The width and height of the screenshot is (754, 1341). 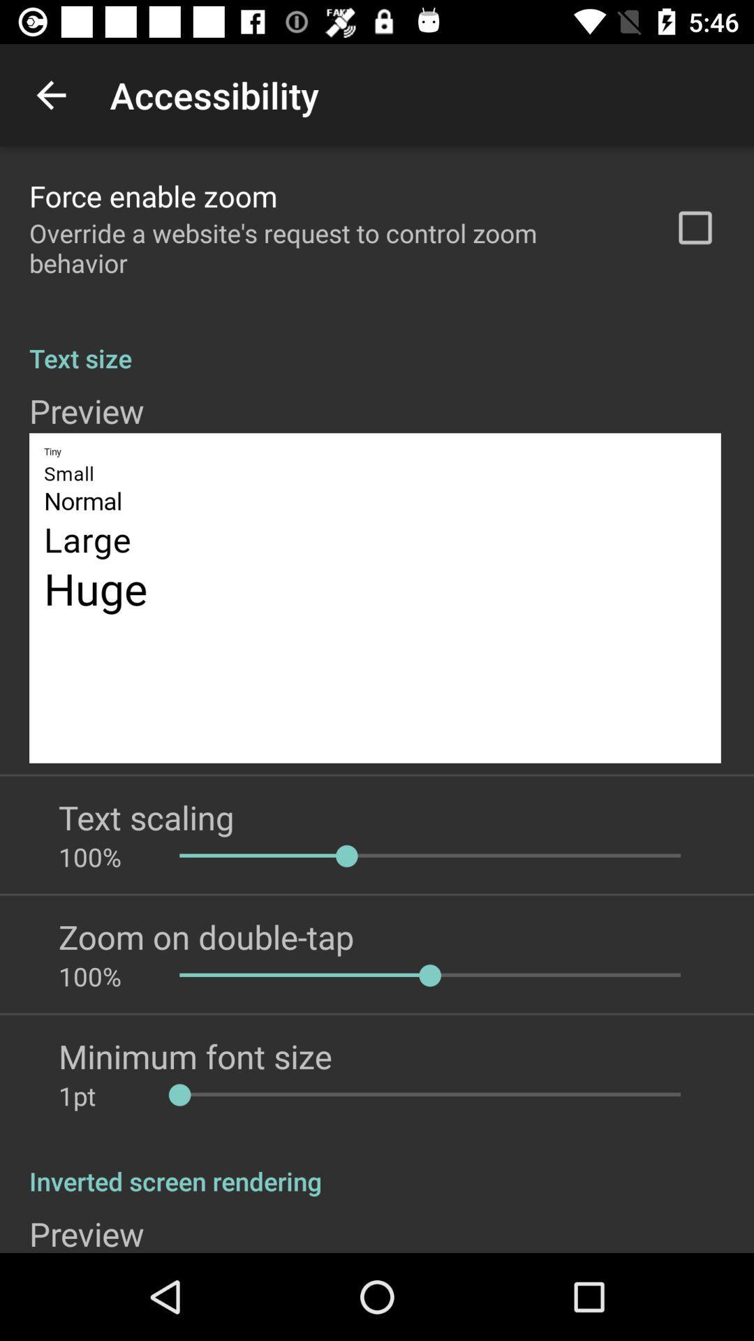 I want to click on app above 100% icon, so click(x=206, y=937).